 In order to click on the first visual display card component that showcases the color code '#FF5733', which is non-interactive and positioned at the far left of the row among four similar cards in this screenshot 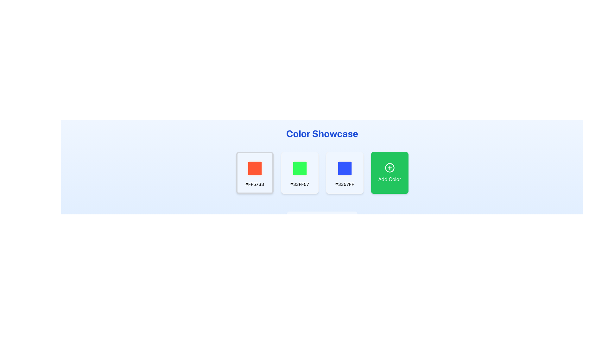, I will do `click(255, 173)`.